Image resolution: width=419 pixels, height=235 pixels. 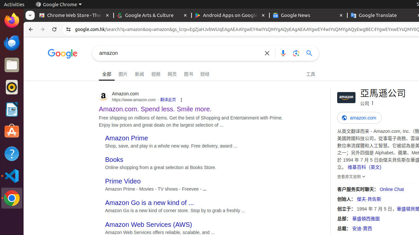 What do you see at coordinates (346, 98) in the screenshot?
I see `'“亞馬遜公司”的缩略图图片'` at bounding box center [346, 98].